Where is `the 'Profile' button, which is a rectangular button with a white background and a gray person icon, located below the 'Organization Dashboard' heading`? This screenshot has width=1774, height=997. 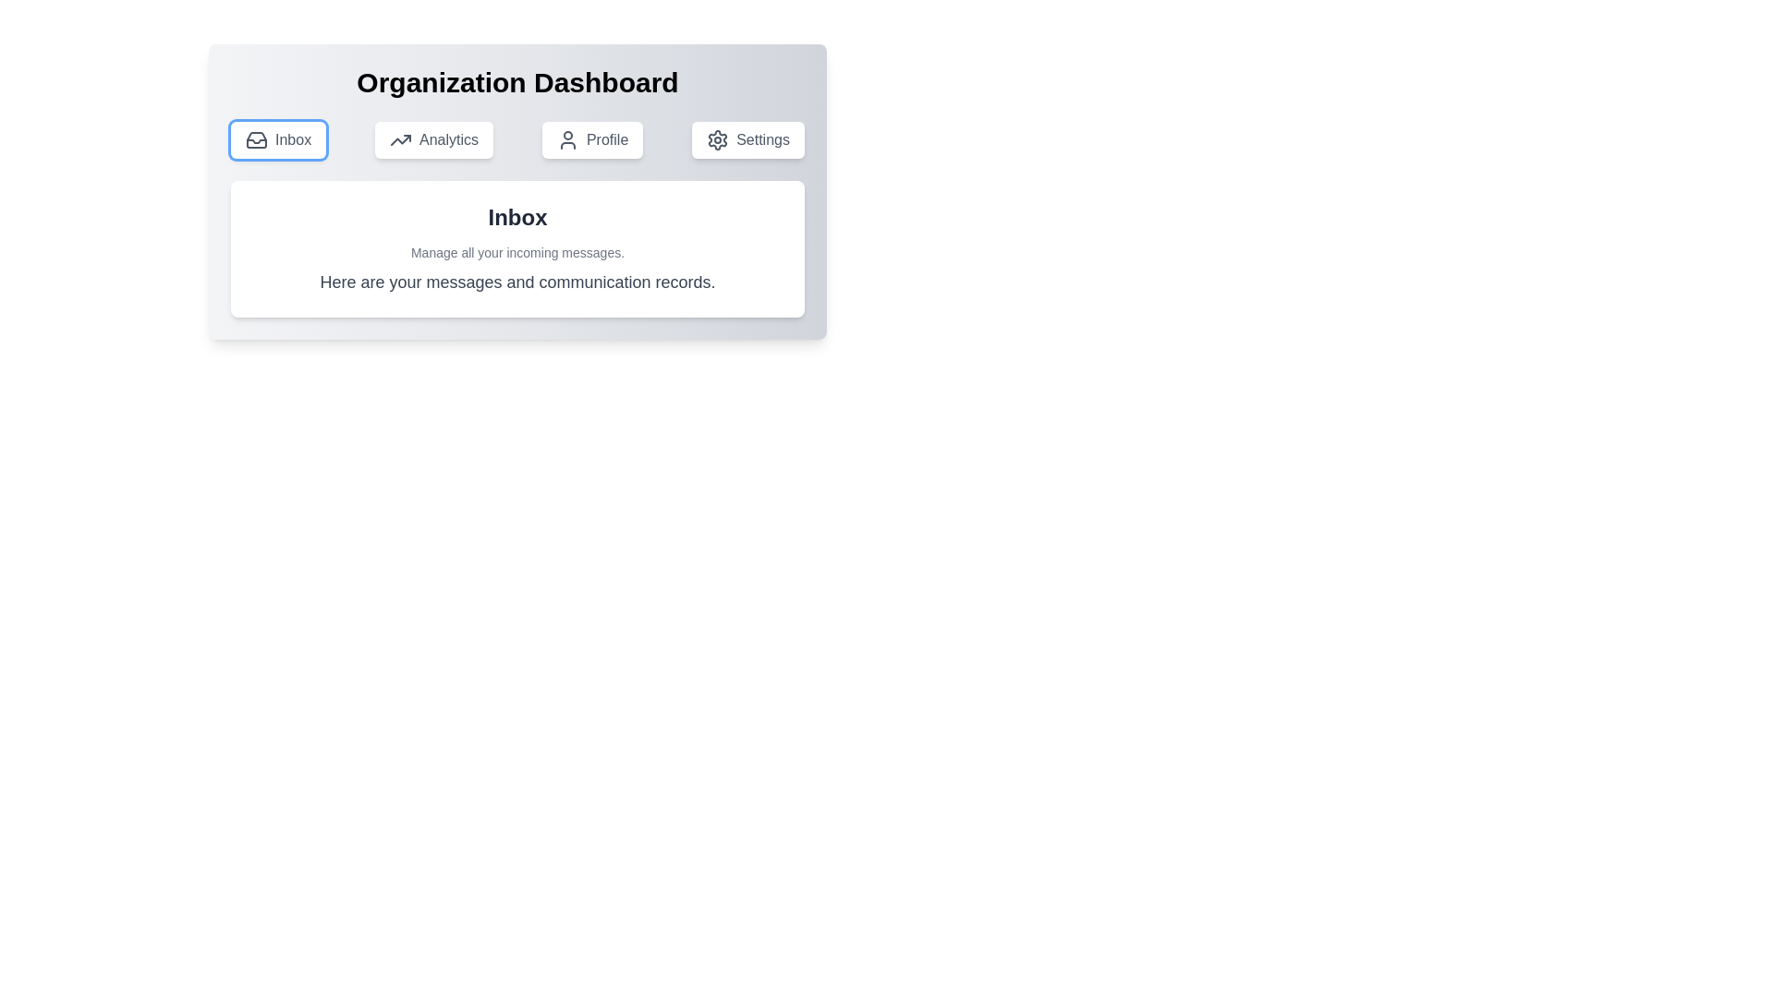
the 'Profile' button, which is a rectangular button with a white background and a gray person icon, located below the 'Organization Dashboard' heading is located at coordinates (592, 138).